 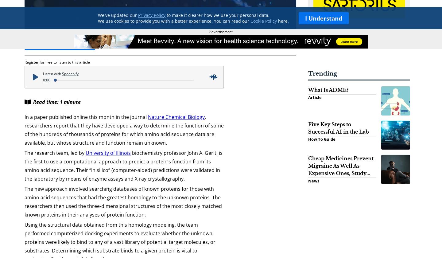 What do you see at coordinates (217, 15) in the screenshot?
I see `'to make it clearer how we use your personal data.'` at bounding box center [217, 15].